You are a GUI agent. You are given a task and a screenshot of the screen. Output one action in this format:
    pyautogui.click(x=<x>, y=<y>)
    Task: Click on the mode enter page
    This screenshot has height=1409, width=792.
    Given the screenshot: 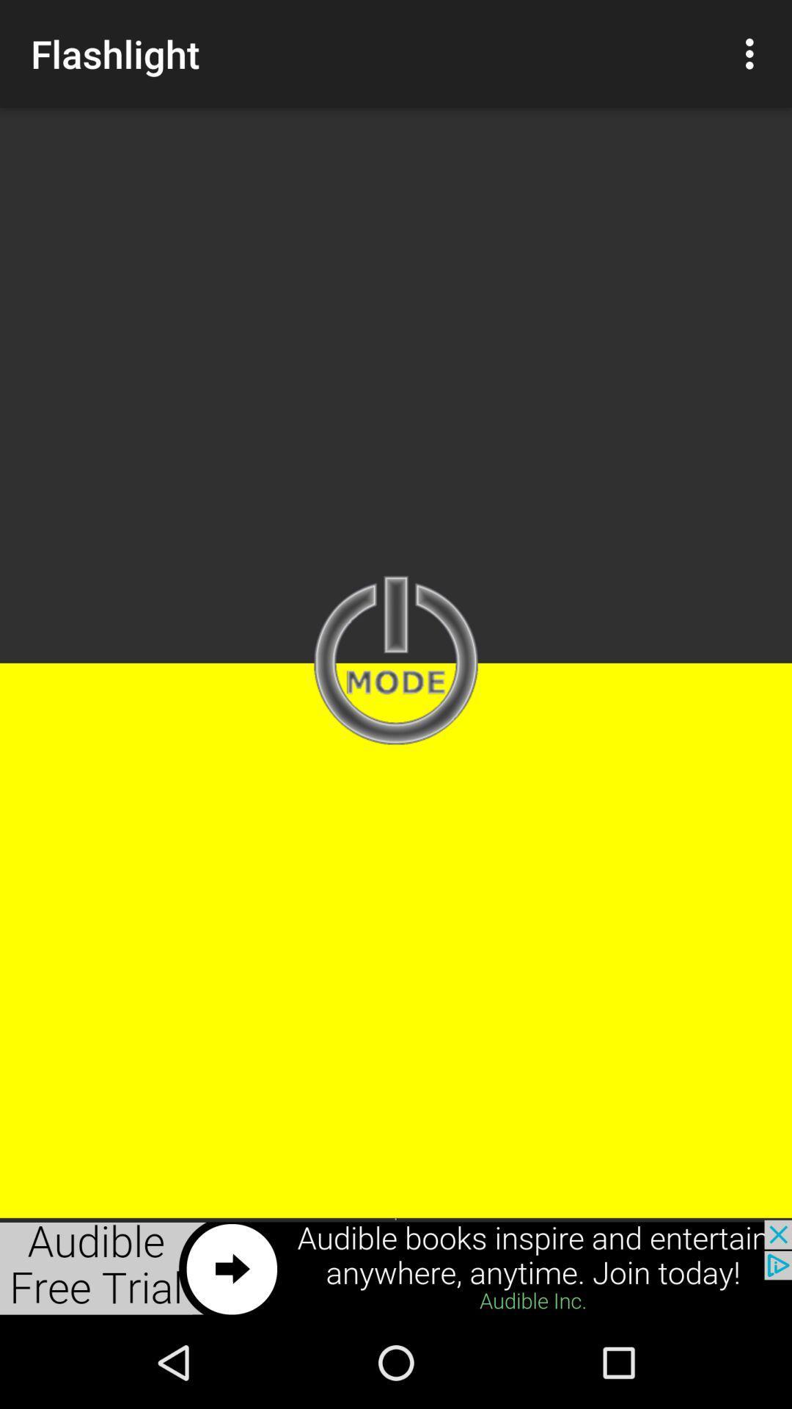 What is the action you would take?
    pyautogui.click(x=396, y=661)
    